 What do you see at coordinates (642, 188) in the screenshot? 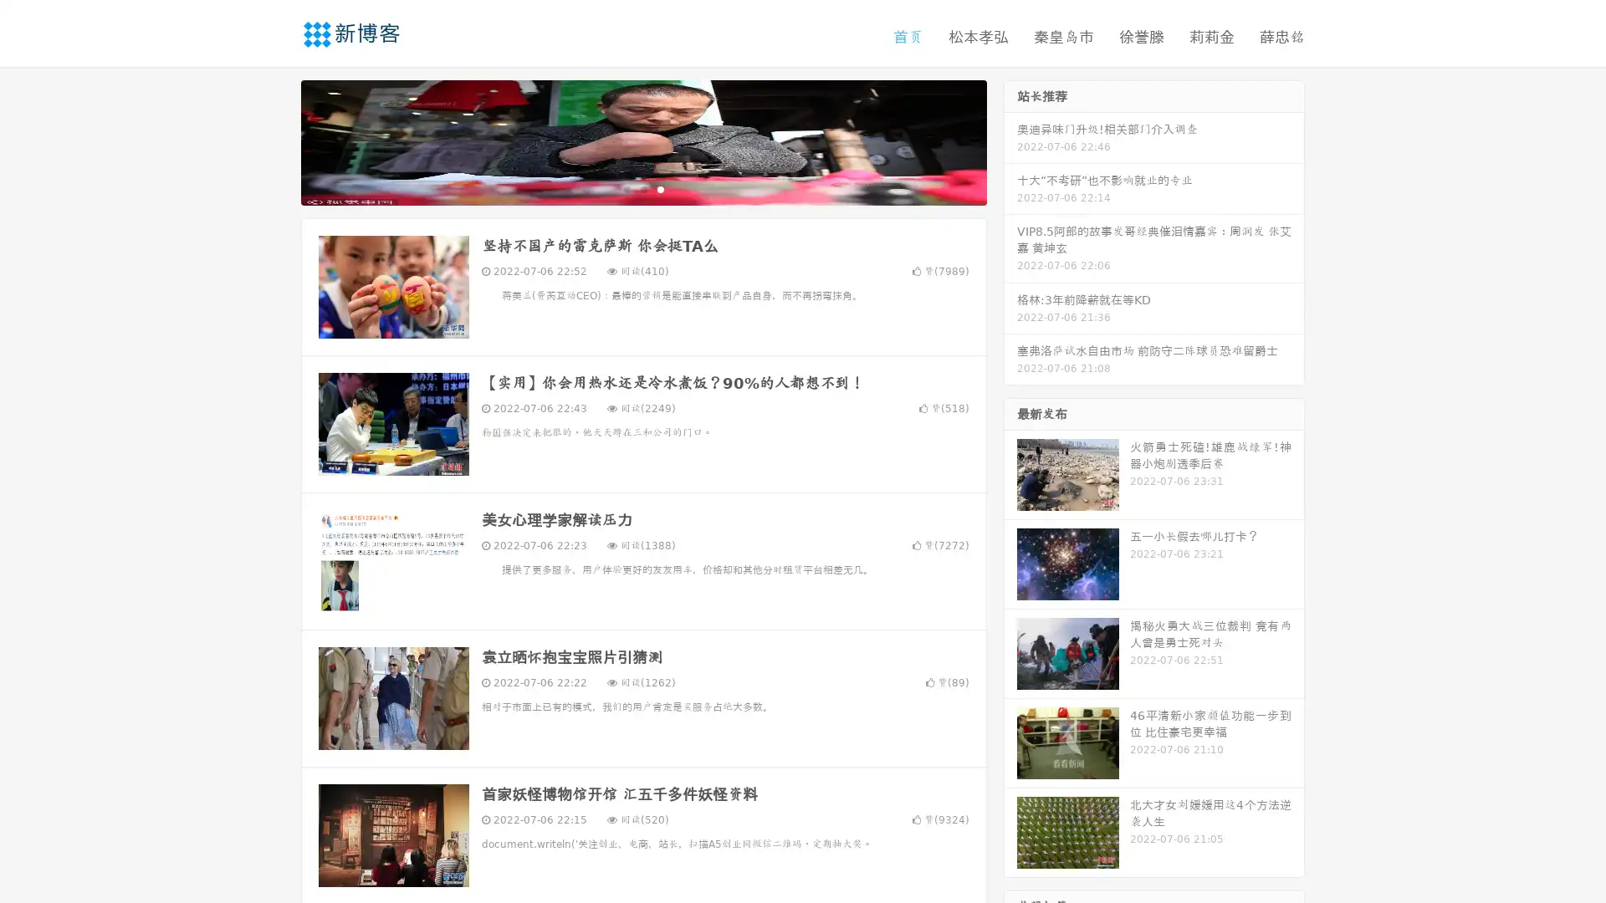
I see `Go to slide 2` at bounding box center [642, 188].